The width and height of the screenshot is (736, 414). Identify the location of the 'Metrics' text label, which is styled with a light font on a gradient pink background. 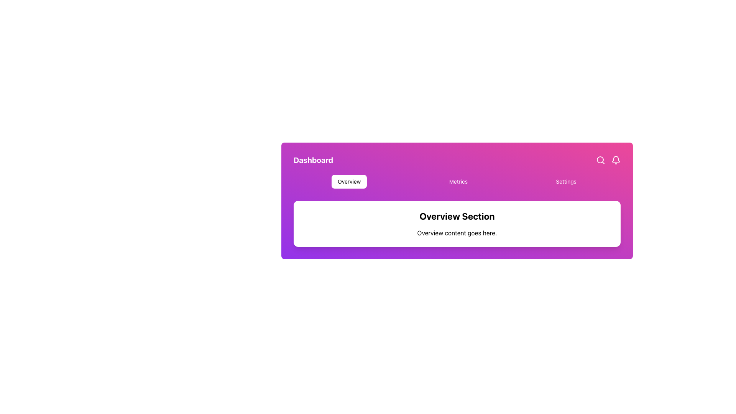
(458, 182).